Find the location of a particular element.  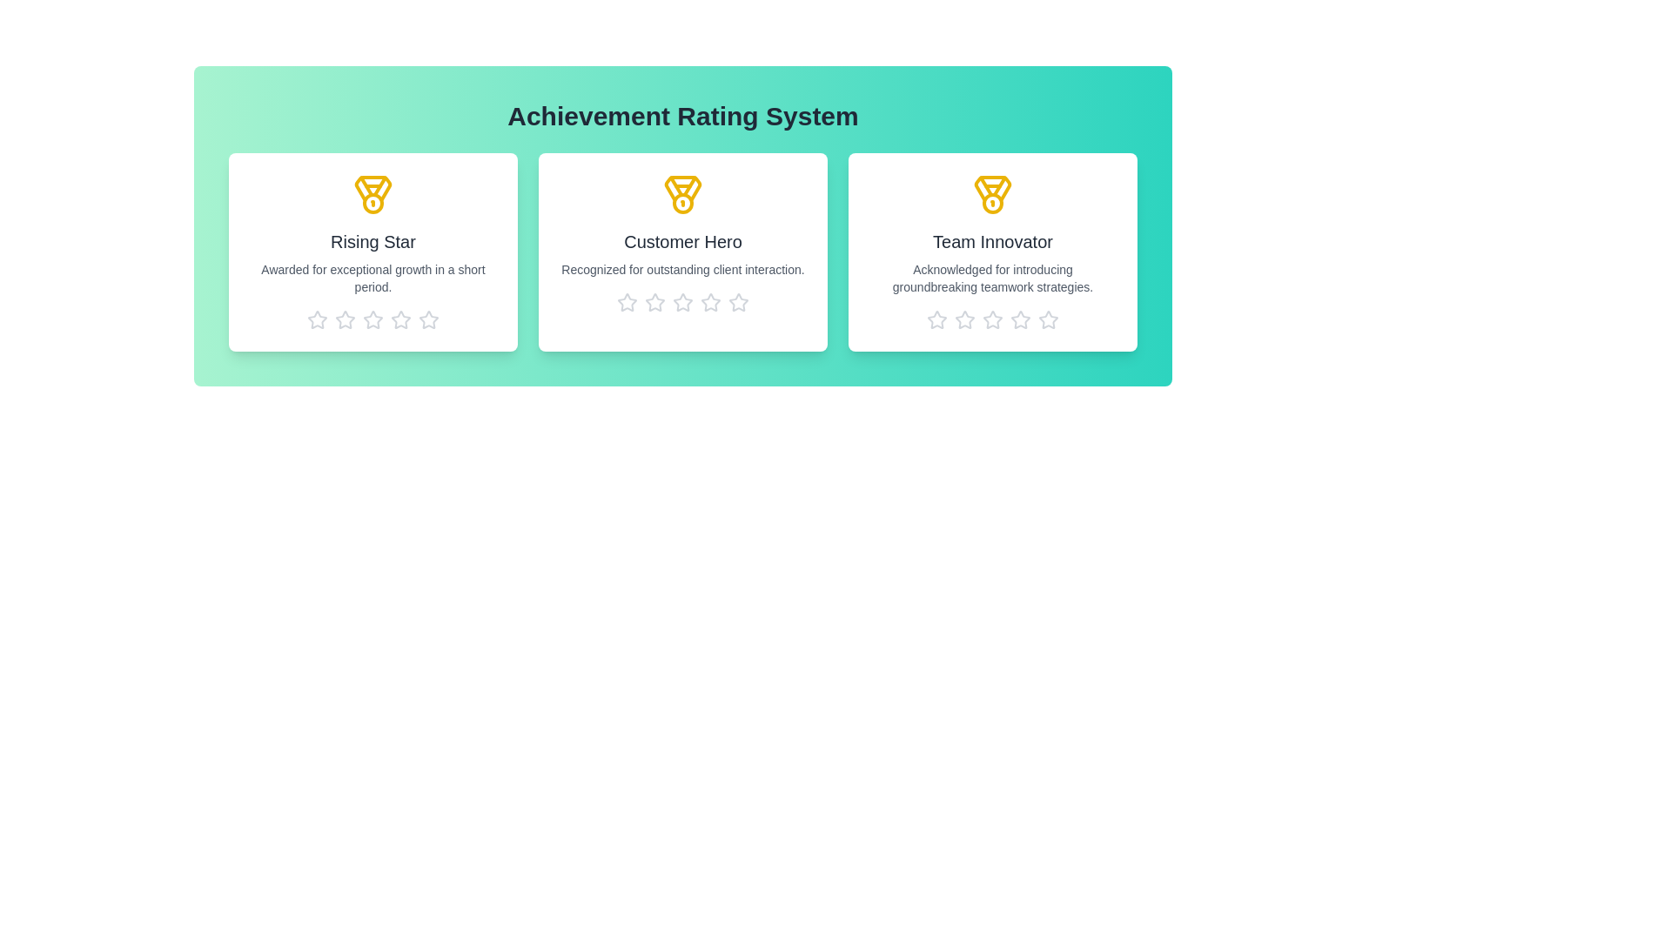

the description of the achievement Team Innovator is located at coordinates (993, 278).